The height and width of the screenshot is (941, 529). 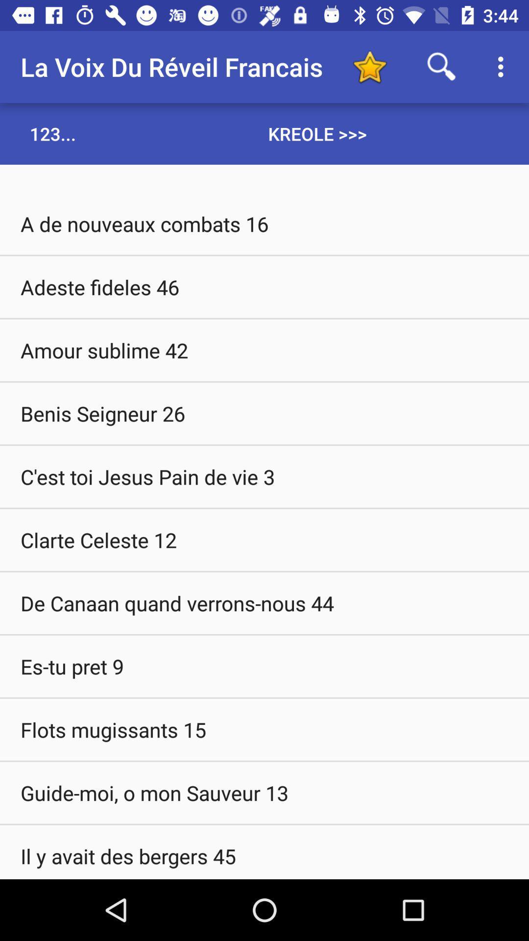 What do you see at coordinates (53, 133) in the screenshot?
I see `app below the la voix du` at bounding box center [53, 133].